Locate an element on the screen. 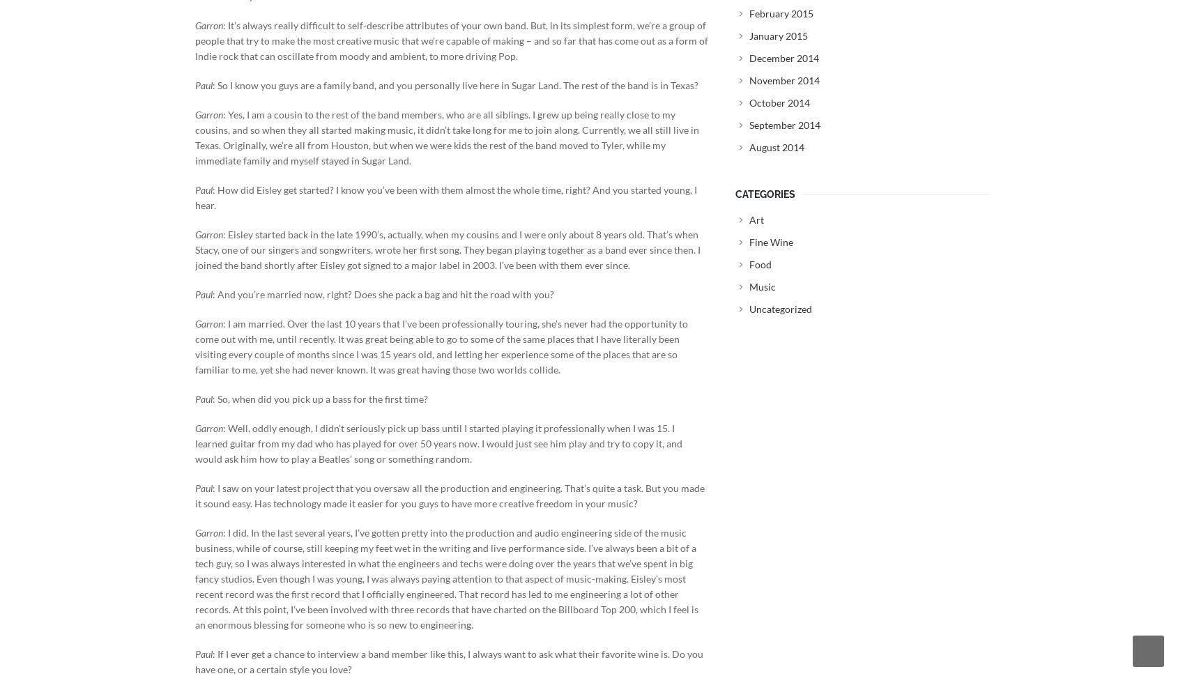  'October 2014' is located at coordinates (779, 102).